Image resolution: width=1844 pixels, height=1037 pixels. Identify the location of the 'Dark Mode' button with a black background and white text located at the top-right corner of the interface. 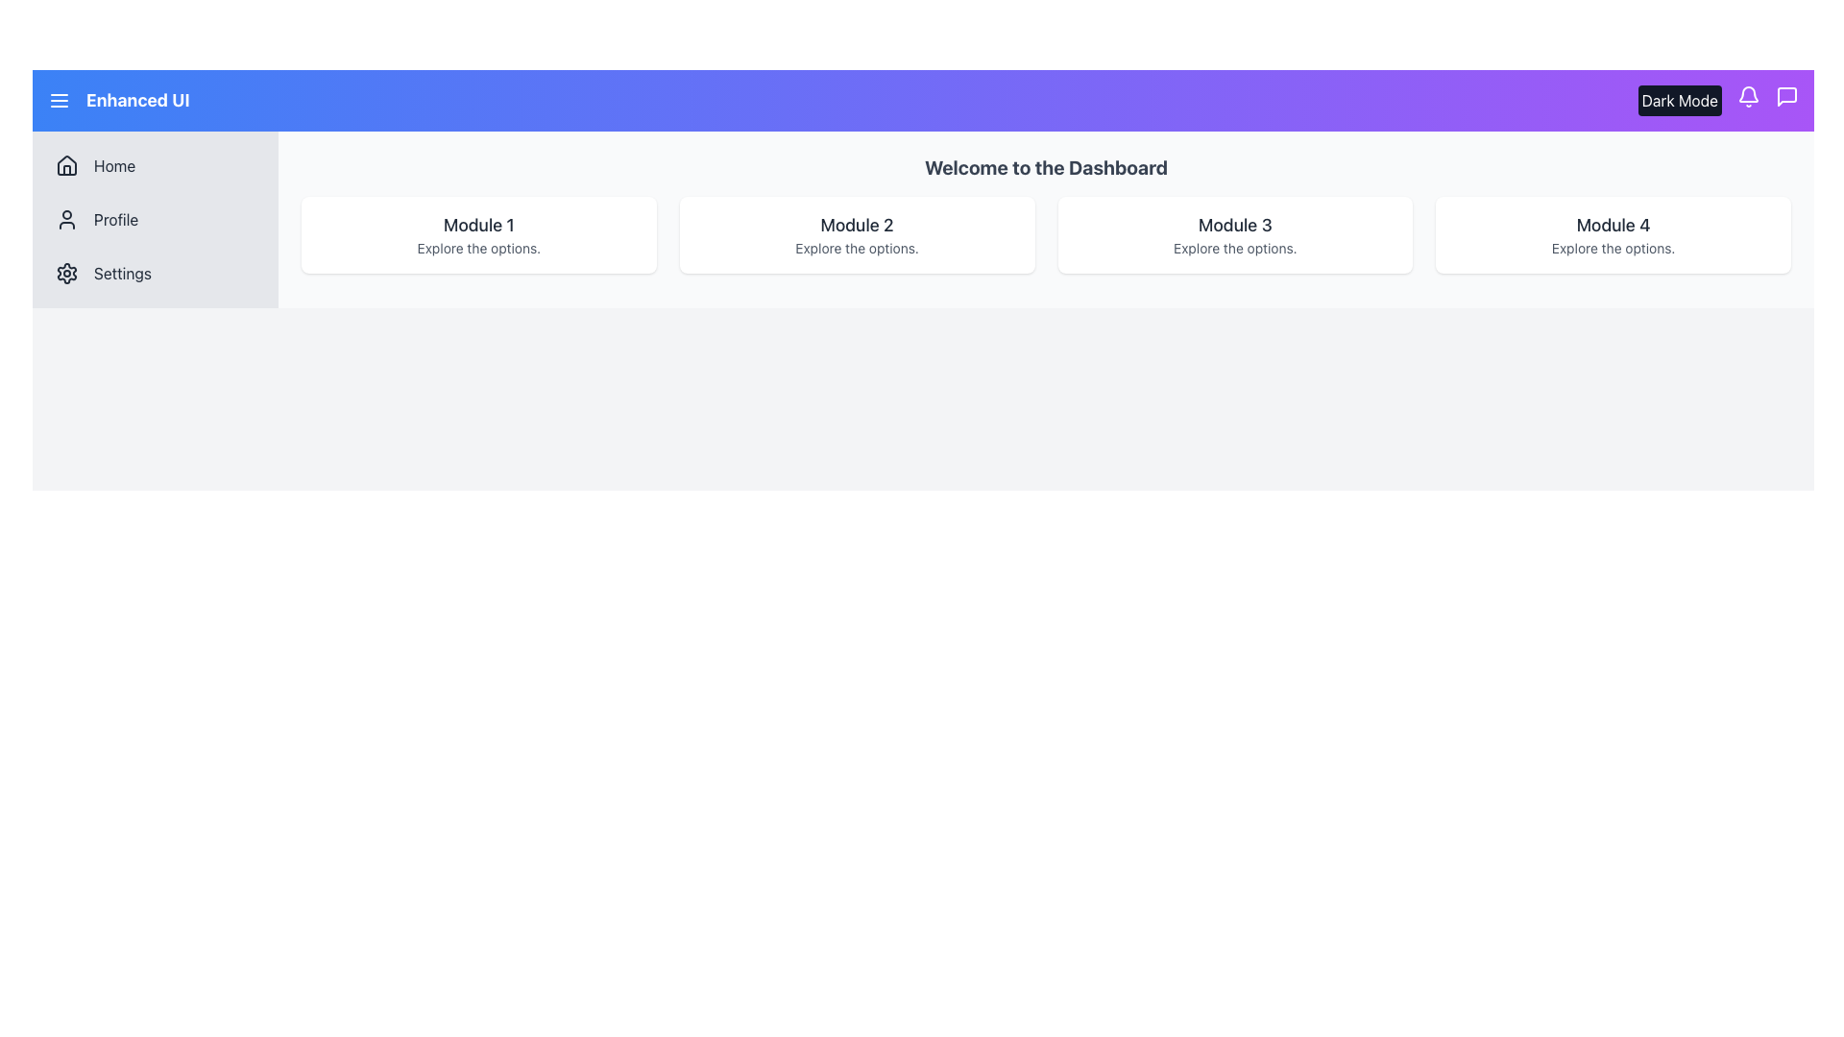
(1718, 100).